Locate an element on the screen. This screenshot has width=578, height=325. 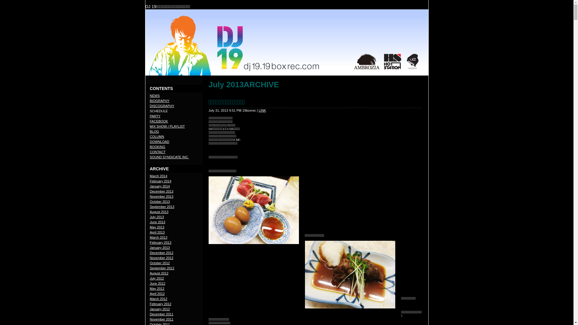
'May 2012' is located at coordinates (150, 288).